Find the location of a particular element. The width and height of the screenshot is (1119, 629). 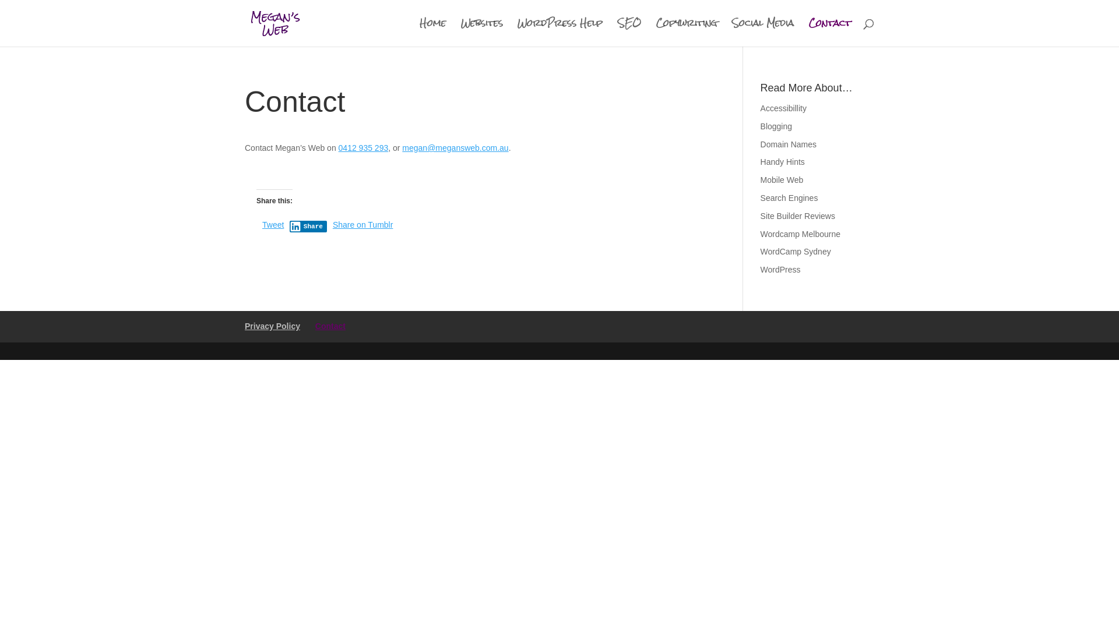

'Wordcamp Melbourne' is located at coordinates (800, 234).